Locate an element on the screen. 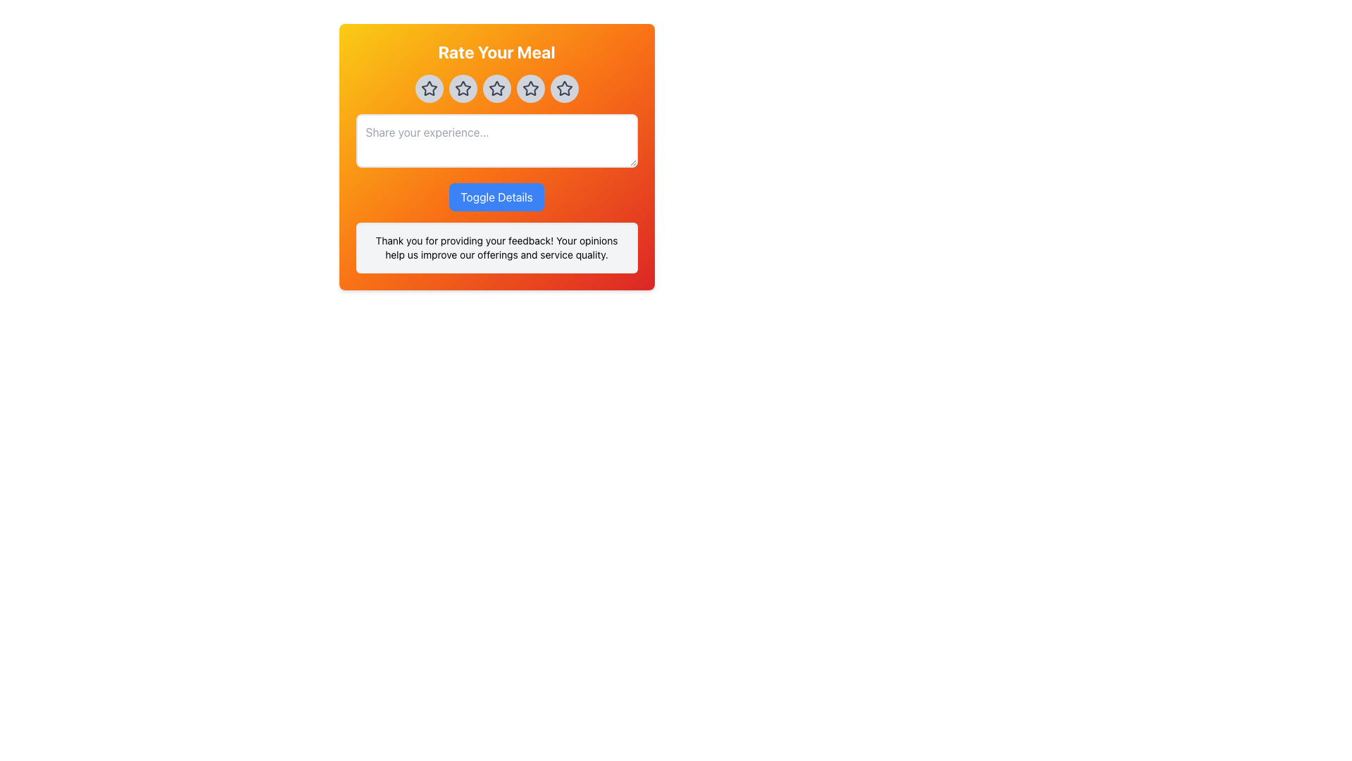 Image resolution: width=1352 pixels, height=761 pixels. the third star icon from the left in the rating stars row is located at coordinates (496, 88).